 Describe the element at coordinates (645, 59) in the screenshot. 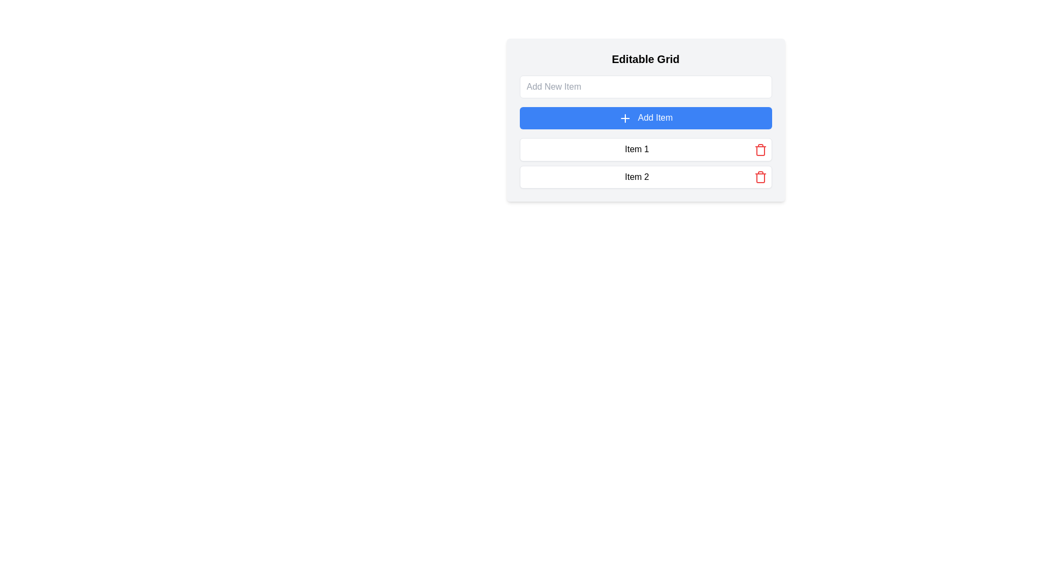

I see `the heading label at the top of the card-like structure, which serves as the title for the interface section` at that location.